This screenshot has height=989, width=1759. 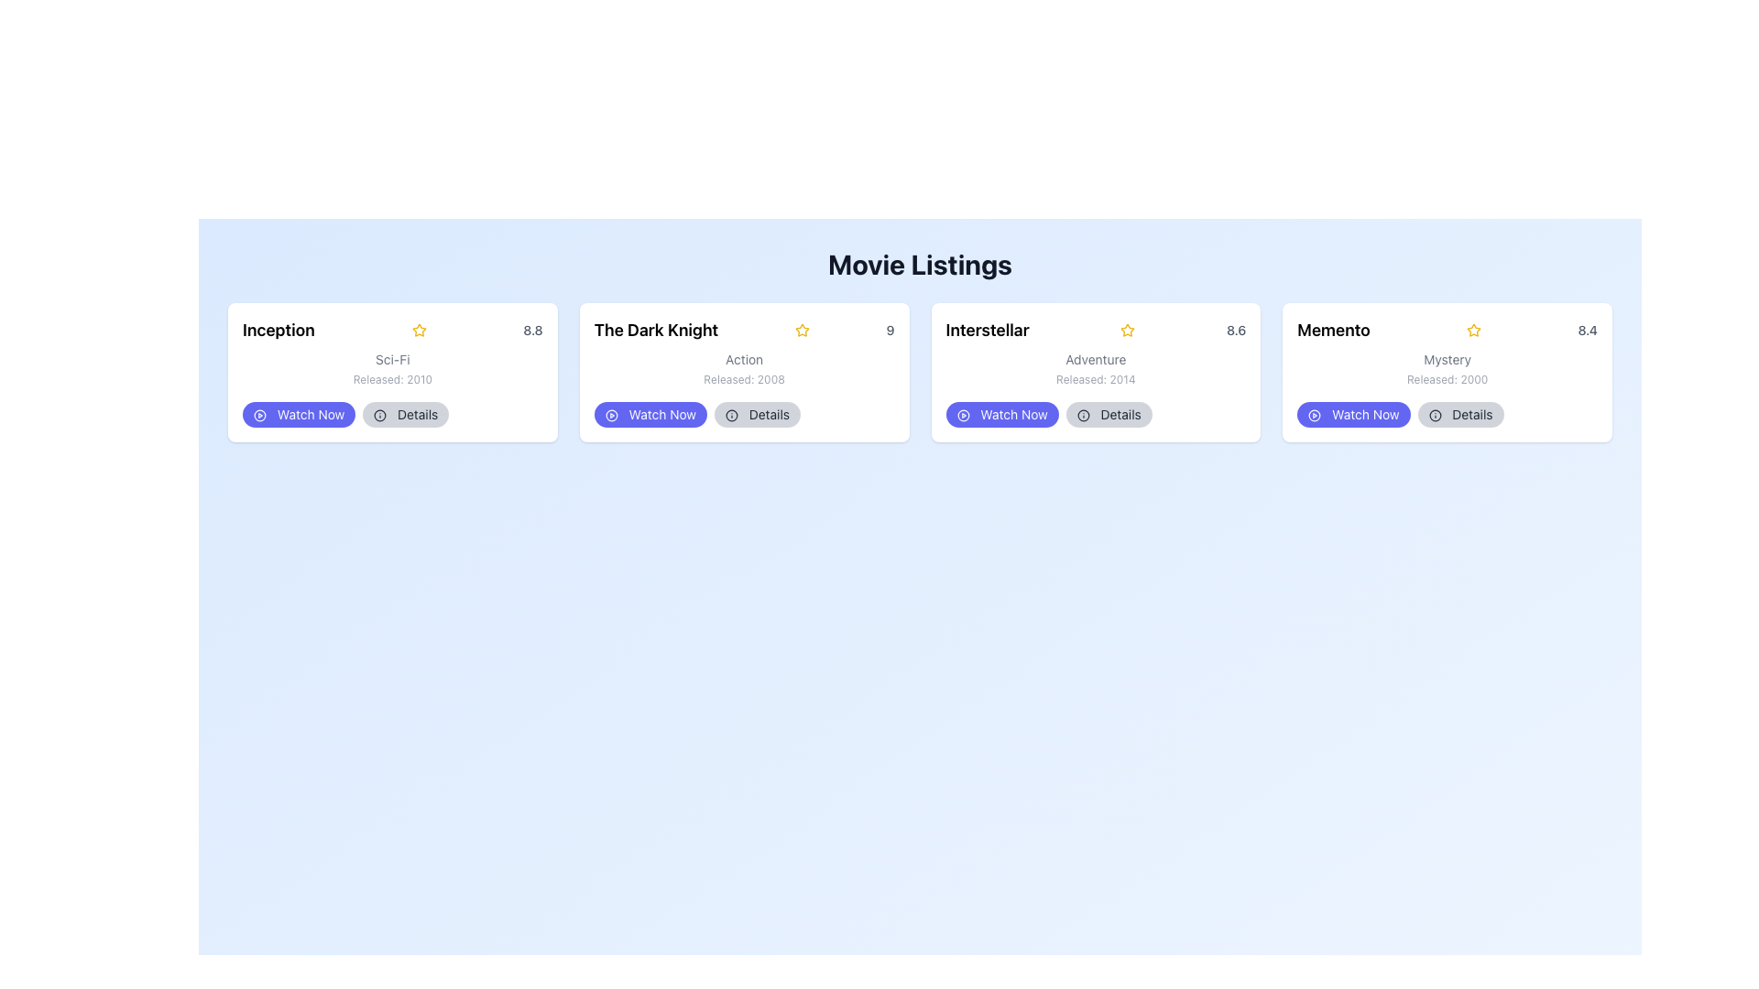 What do you see at coordinates (1108, 414) in the screenshot?
I see `the button to the right of the 'Watch Now' button that leads to more detailed information about the 'Interstellar' movie` at bounding box center [1108, 414].